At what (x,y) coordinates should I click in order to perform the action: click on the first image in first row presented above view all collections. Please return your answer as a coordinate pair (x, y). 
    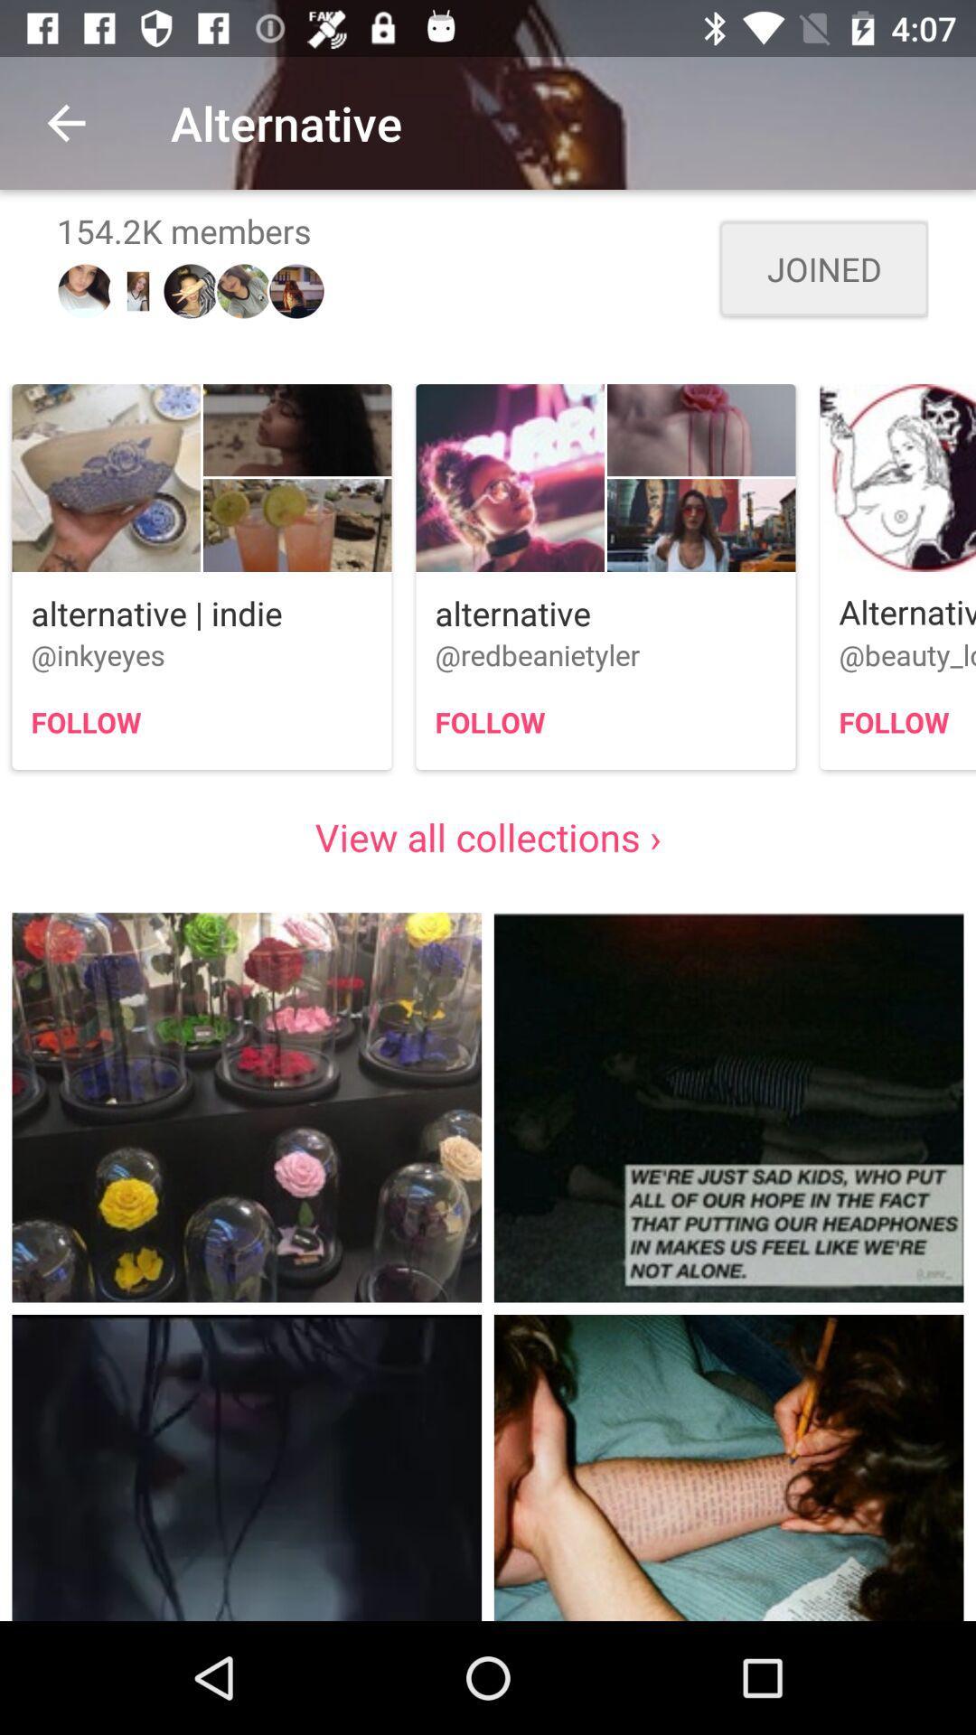
    Looking at the image, I should click on (202, 576).